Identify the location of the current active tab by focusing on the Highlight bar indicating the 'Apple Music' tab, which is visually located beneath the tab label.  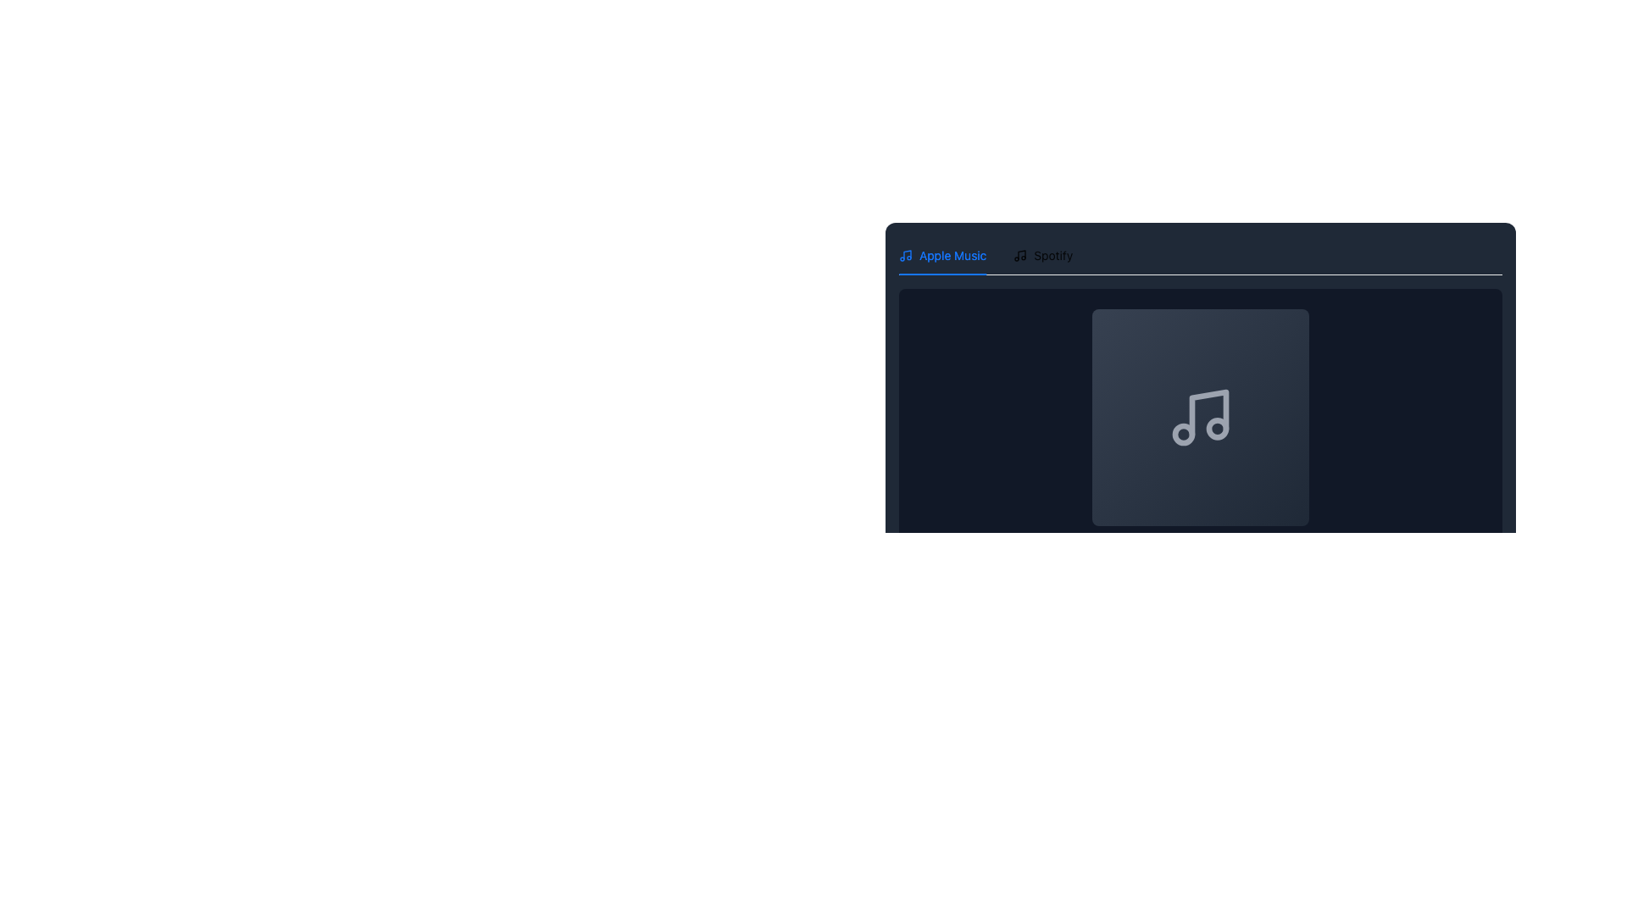
(941, 274).